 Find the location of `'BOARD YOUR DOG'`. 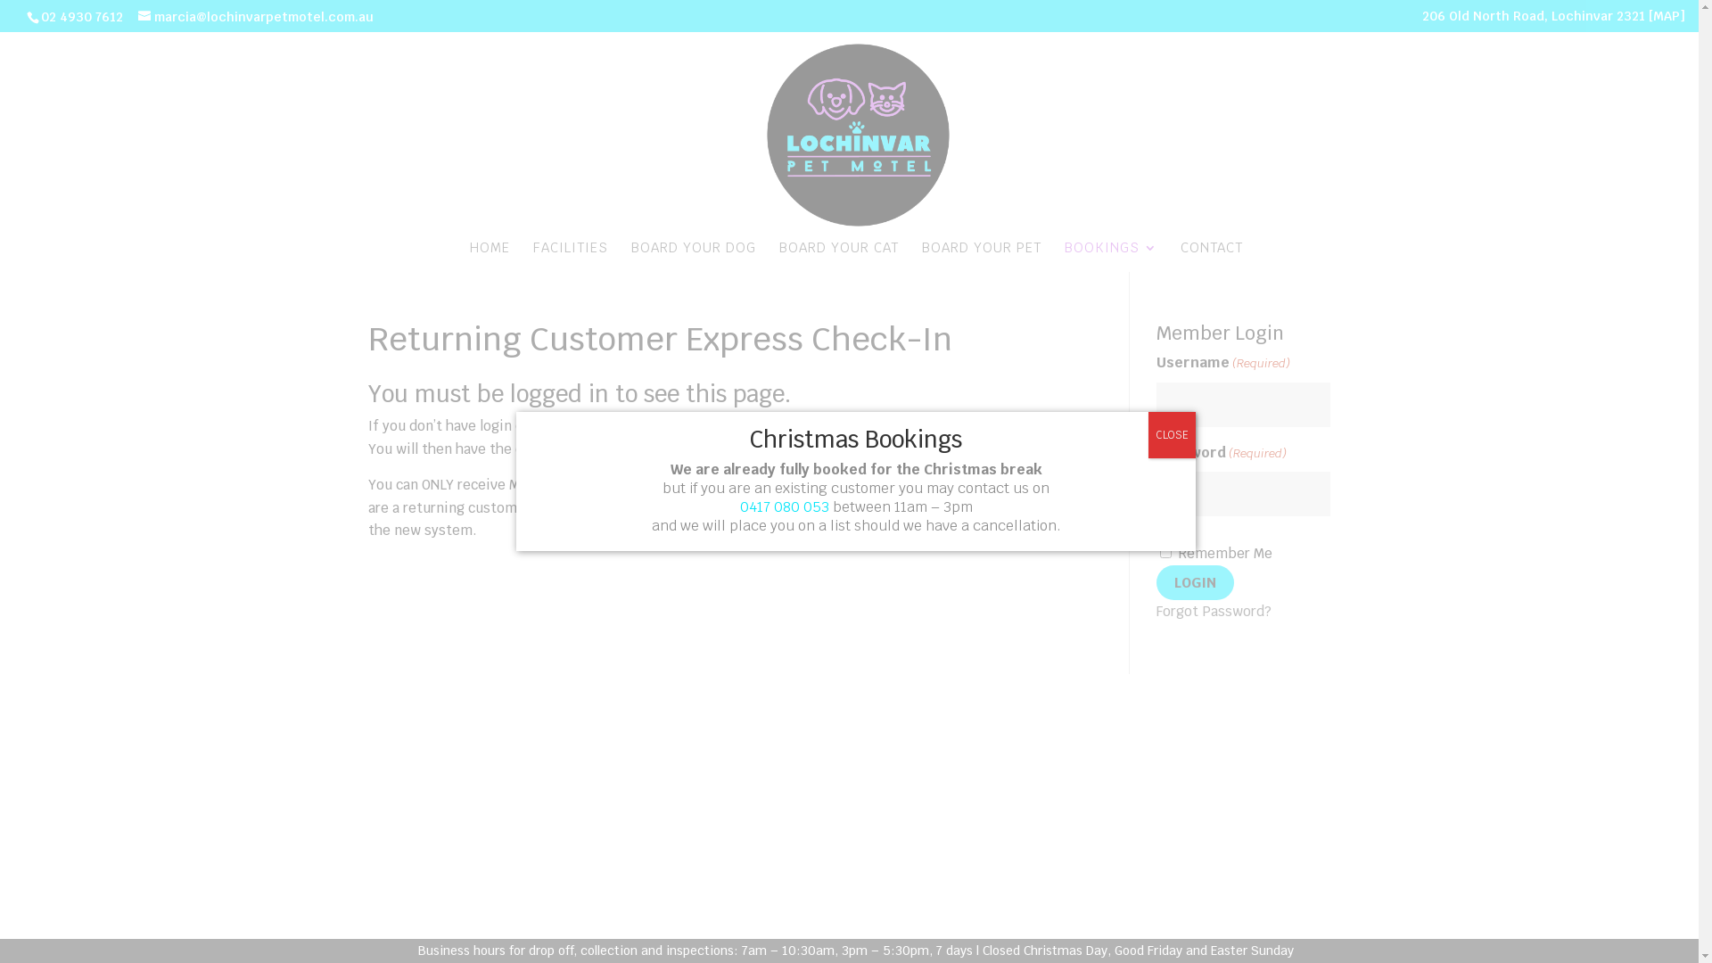

'BOARD YOUR DOG' is located at coordinates (631, 257).